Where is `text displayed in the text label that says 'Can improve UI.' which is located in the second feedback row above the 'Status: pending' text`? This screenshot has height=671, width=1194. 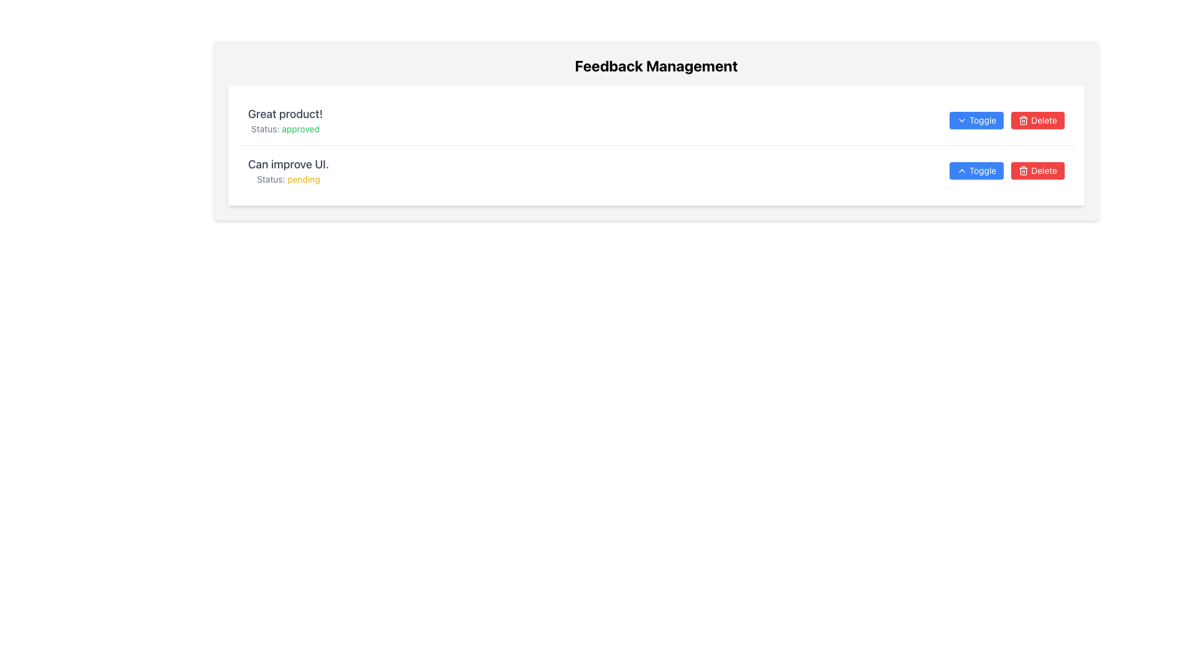
text displayed in the text label that says 'Can improve UI.' which is located in the second feedback row above the 'Status: pending' text is located at coordinates (288, 164).